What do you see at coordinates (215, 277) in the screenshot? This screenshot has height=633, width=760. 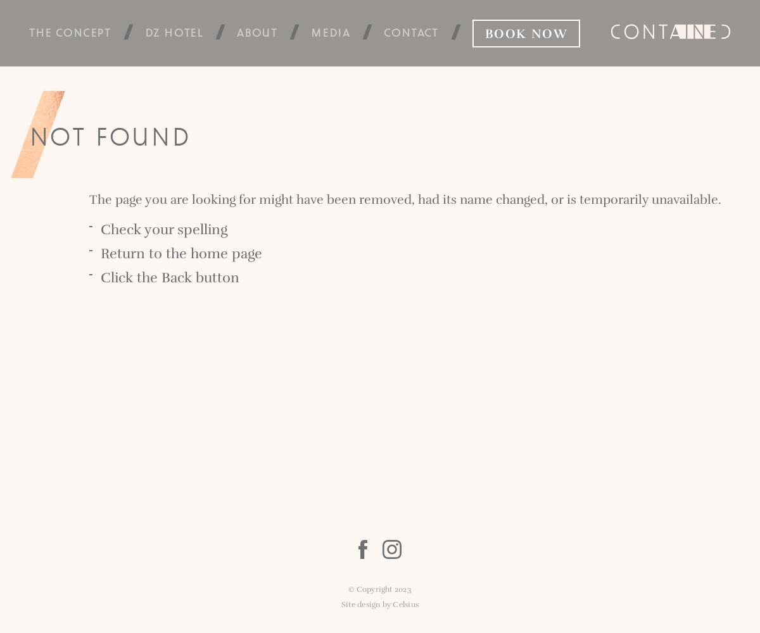 I see `'button'` at bounding box center [215, 277].